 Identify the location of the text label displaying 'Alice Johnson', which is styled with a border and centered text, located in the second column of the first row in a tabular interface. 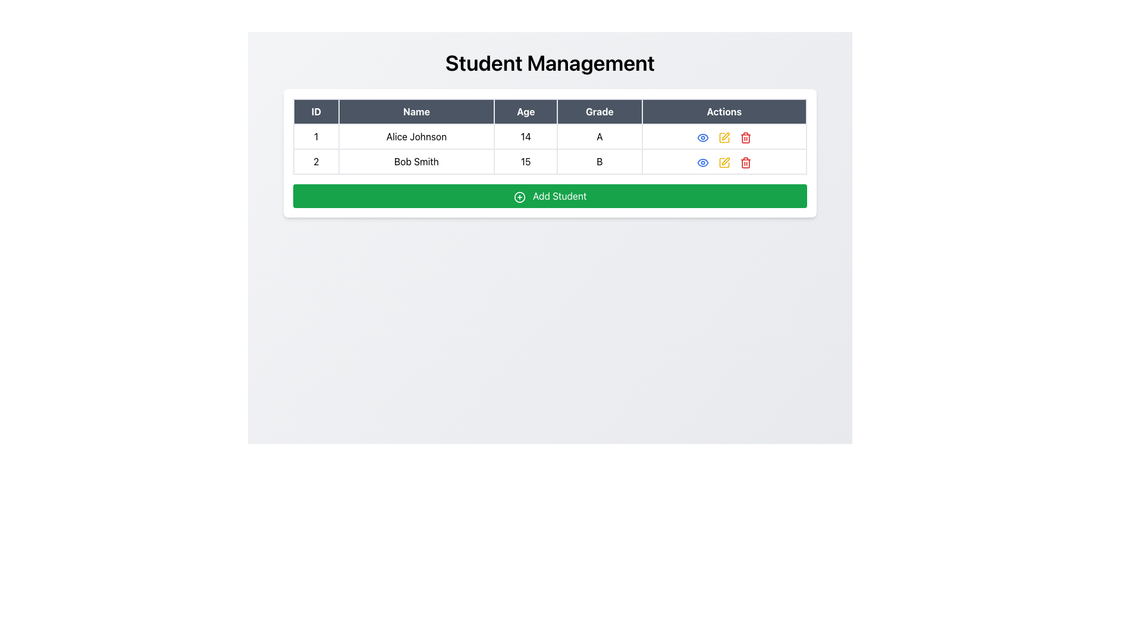
(416, 136).